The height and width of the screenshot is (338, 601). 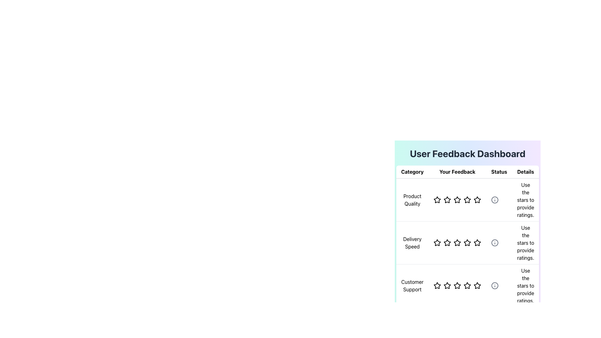 What do you see at coordinates (412, 172) in the screenshot?
I see `'Category' label located at the top-left corner of the user feedback section, styled with a bold black font and a light gray underline` at bounding box center [412, 172].